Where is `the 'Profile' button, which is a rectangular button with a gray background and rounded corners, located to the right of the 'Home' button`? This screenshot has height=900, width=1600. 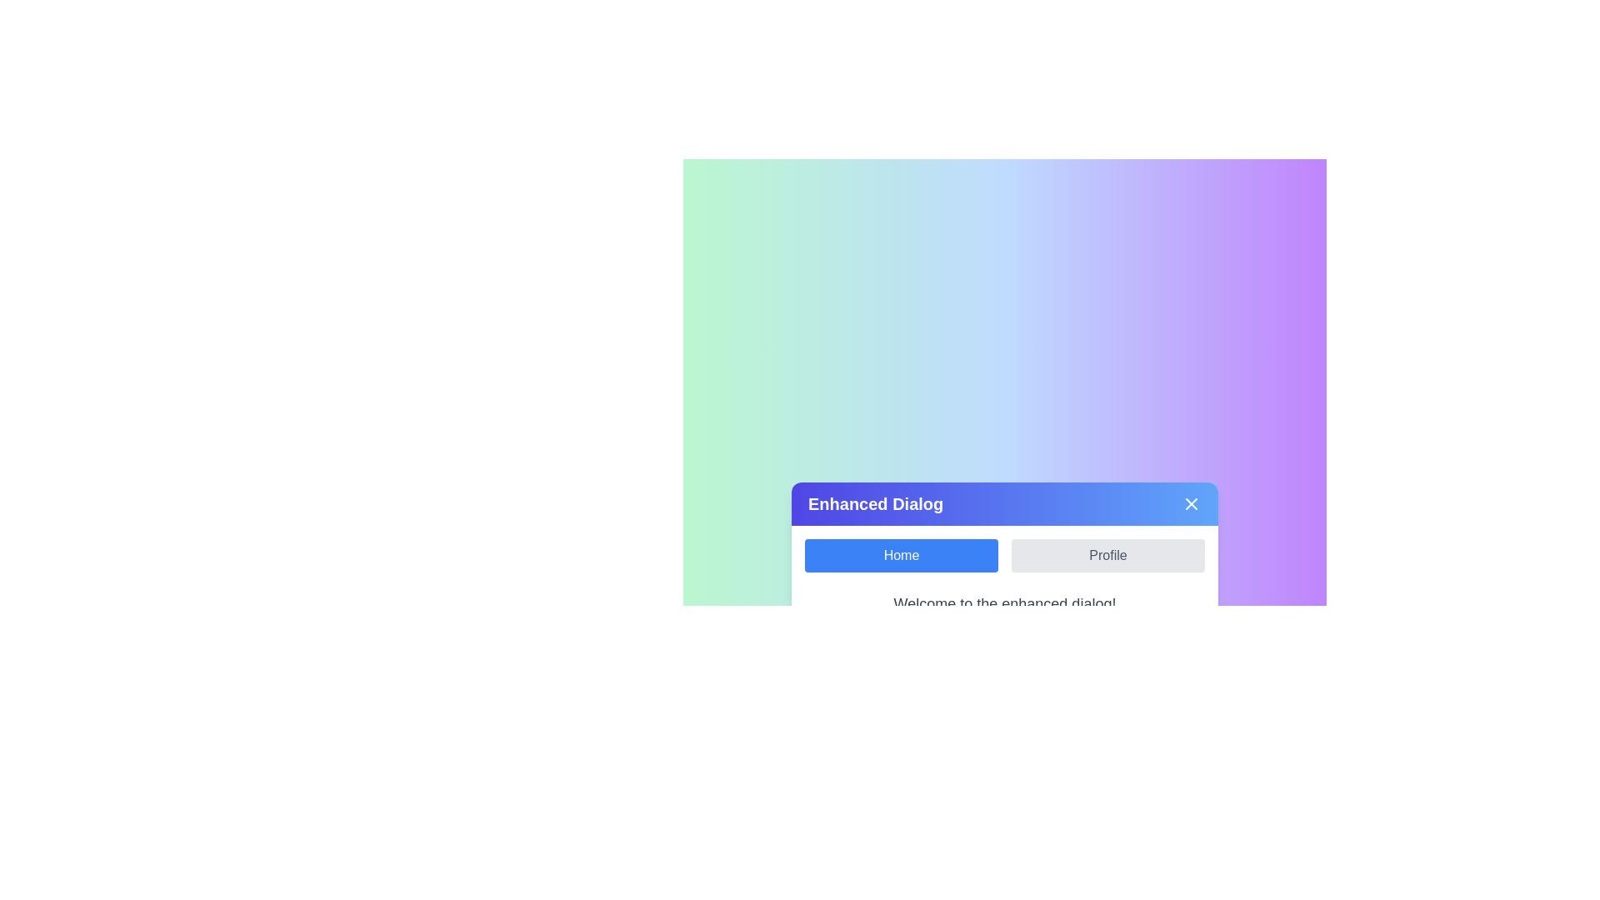 the 'Profile' button, which is a rectangular button with a gray background and rounded corners, located to the right of the 'Home' button is located at coordinates (1107, 556).